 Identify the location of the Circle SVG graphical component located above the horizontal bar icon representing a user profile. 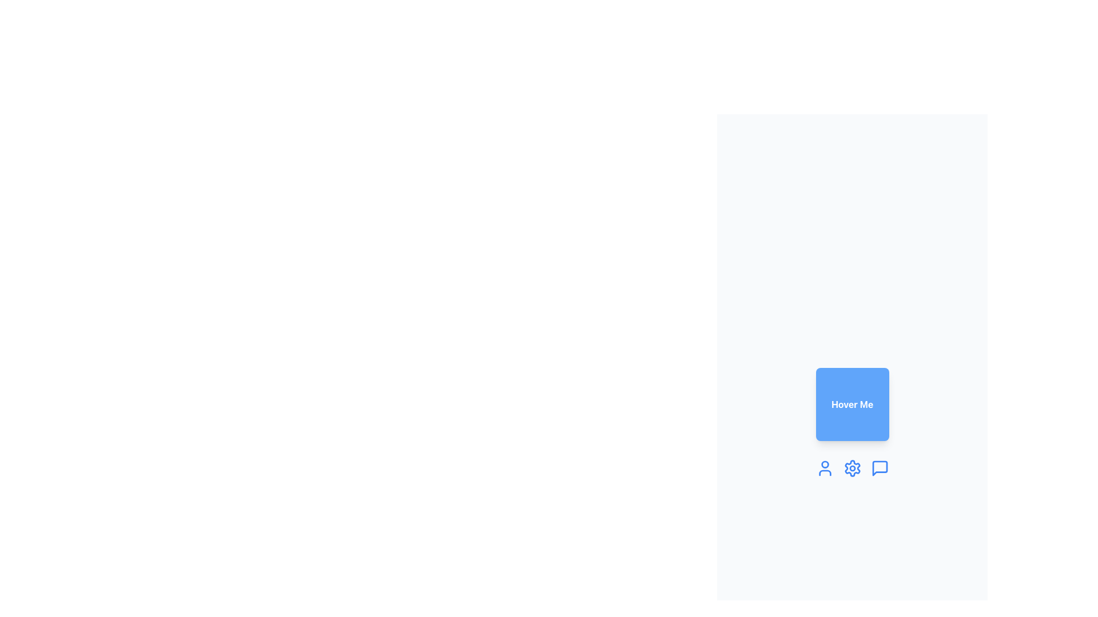
(825, 464).